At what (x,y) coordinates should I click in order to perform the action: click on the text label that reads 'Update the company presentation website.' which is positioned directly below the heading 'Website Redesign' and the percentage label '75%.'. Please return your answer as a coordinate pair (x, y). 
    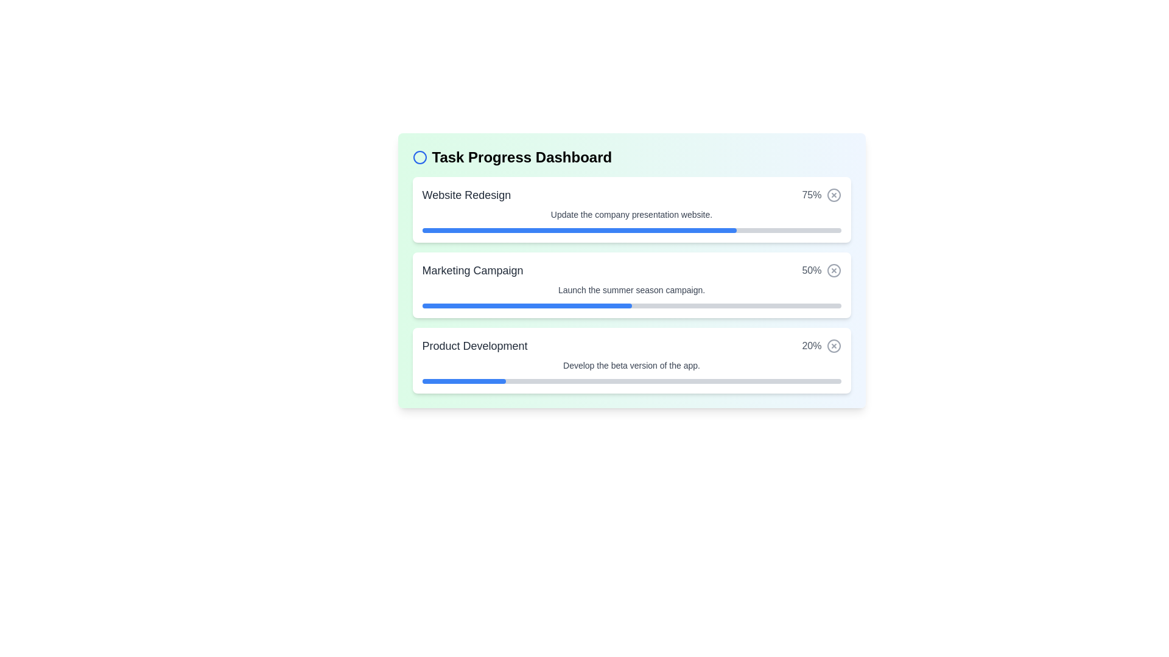
    Looking at the image, I should click on (631, 214).